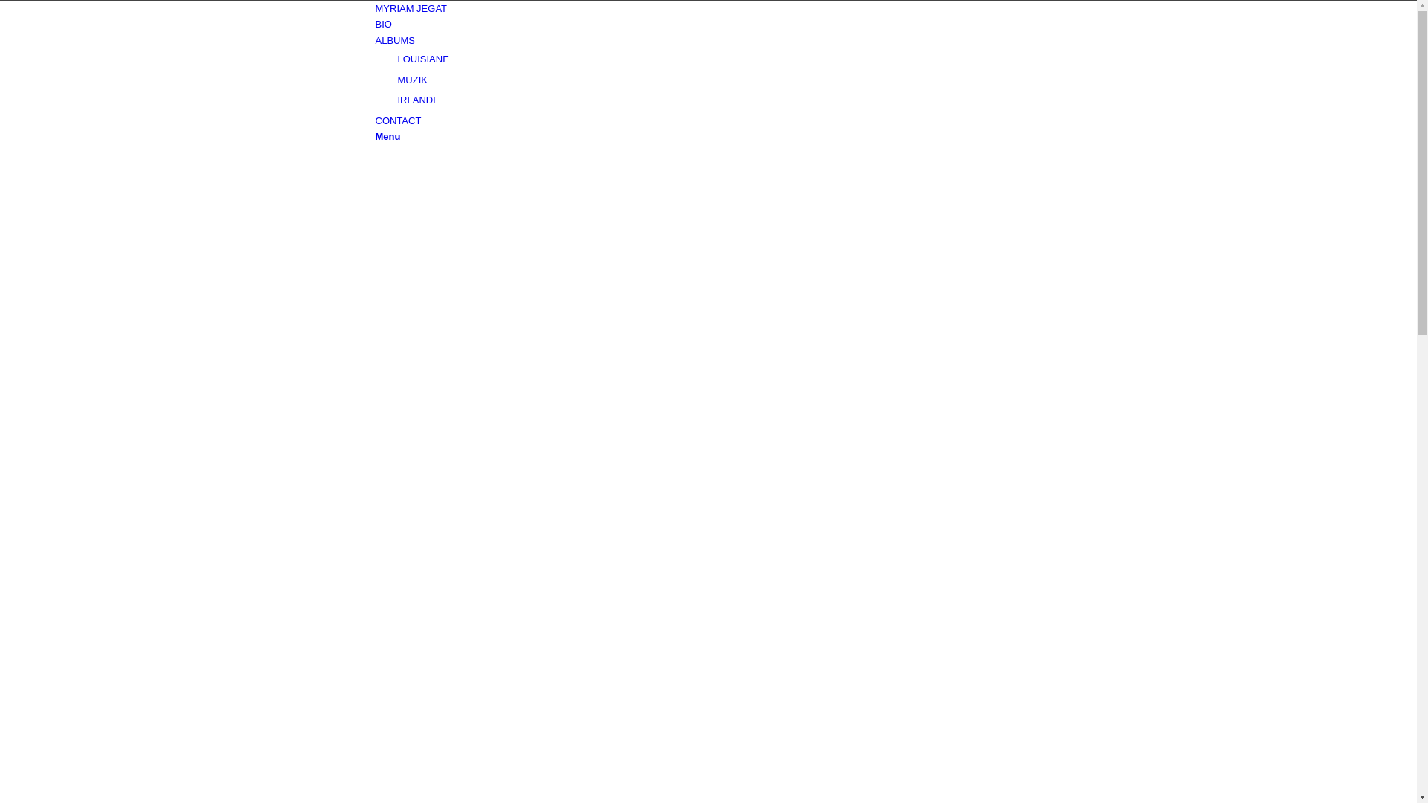 The height and width of the screenshot is (803, 1428). What do you see at coordinates (422, 58) in the screenshot?
I see `'LOUISIANE'` at bounding box center [422, 58].